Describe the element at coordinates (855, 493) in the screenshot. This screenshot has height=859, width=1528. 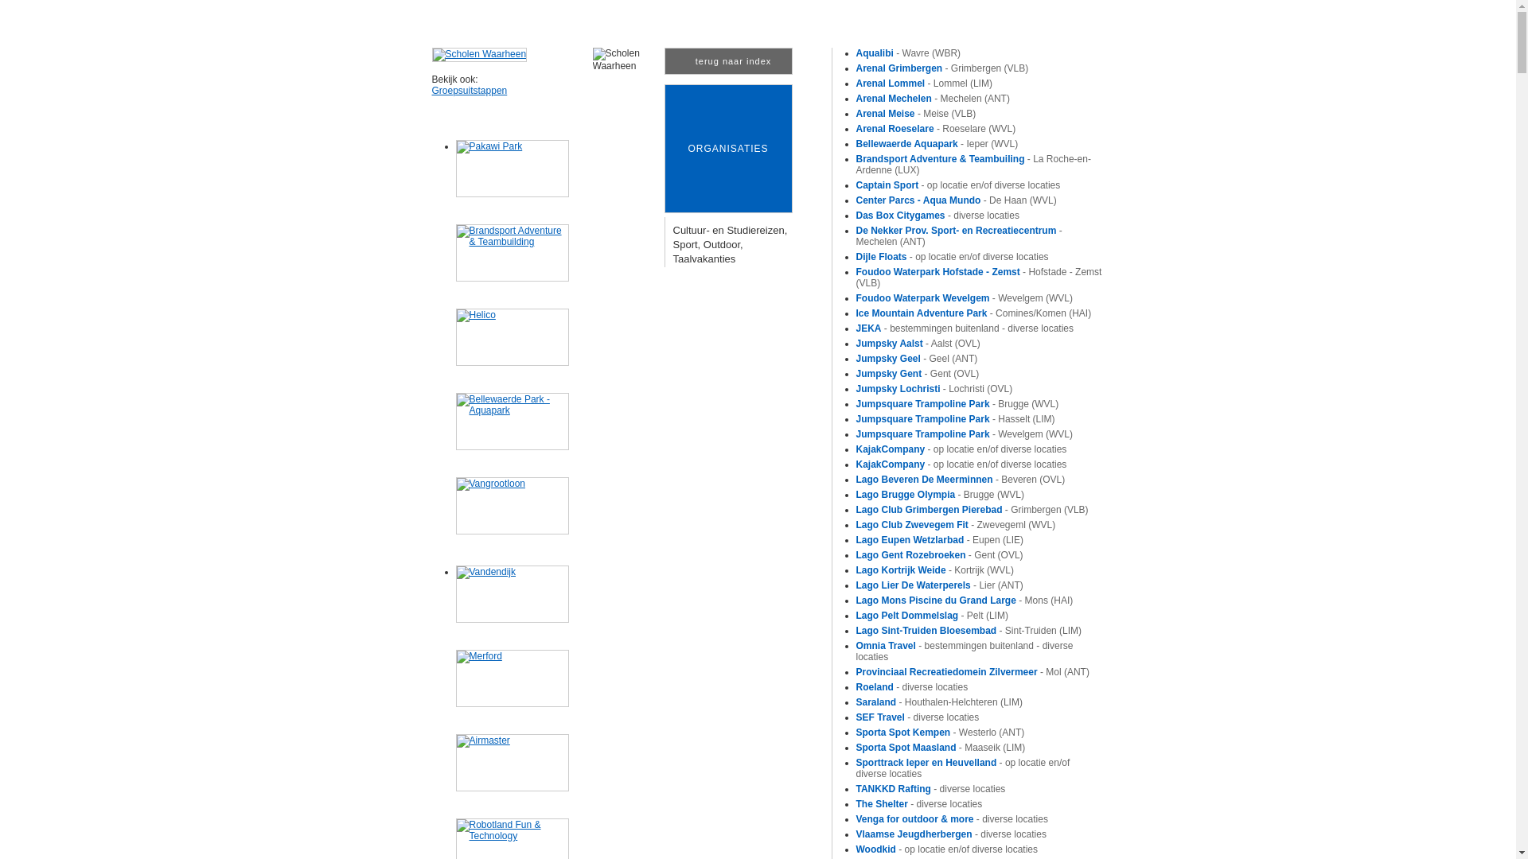
I see `'Lago Brugge Olympia - Brugge (WVL)'` at that location.